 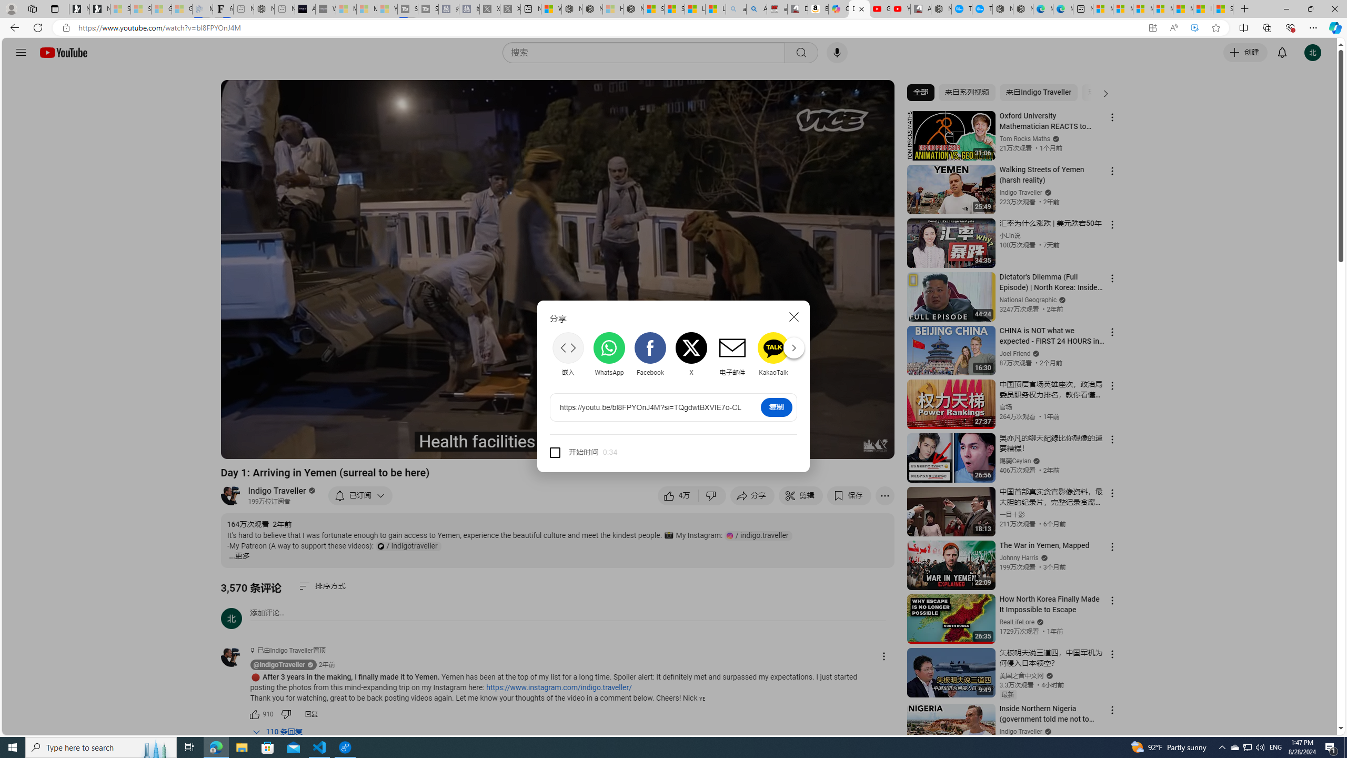 What do you see at coordinates (99, 8) in the screenshot?
I see `'Newsletter Sign Up'` at bounding box center [99, 8].